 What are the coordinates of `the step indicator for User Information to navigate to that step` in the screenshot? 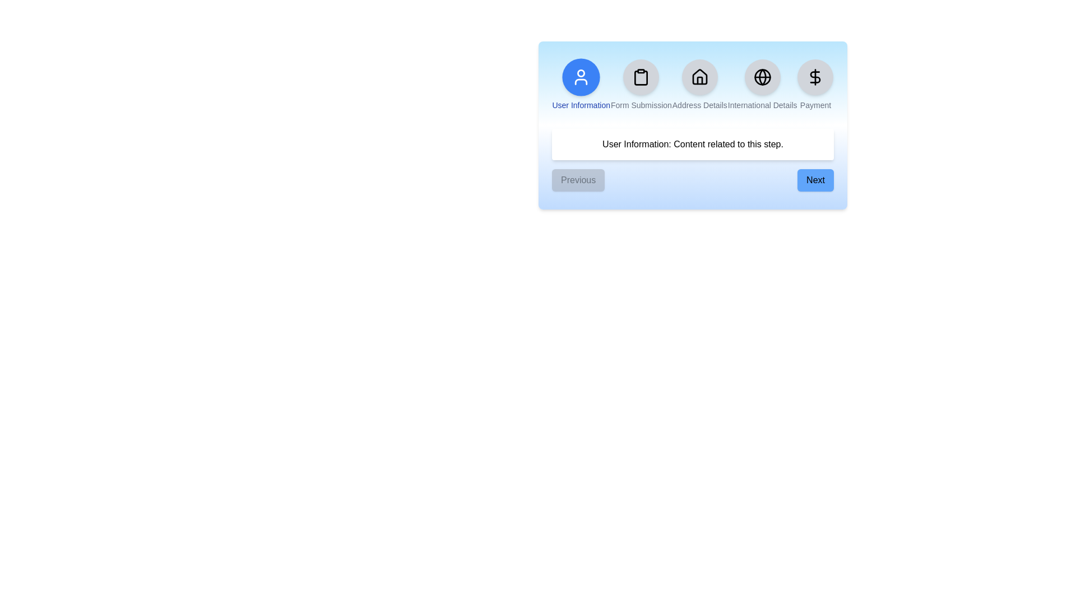 It's located at (581, 84).